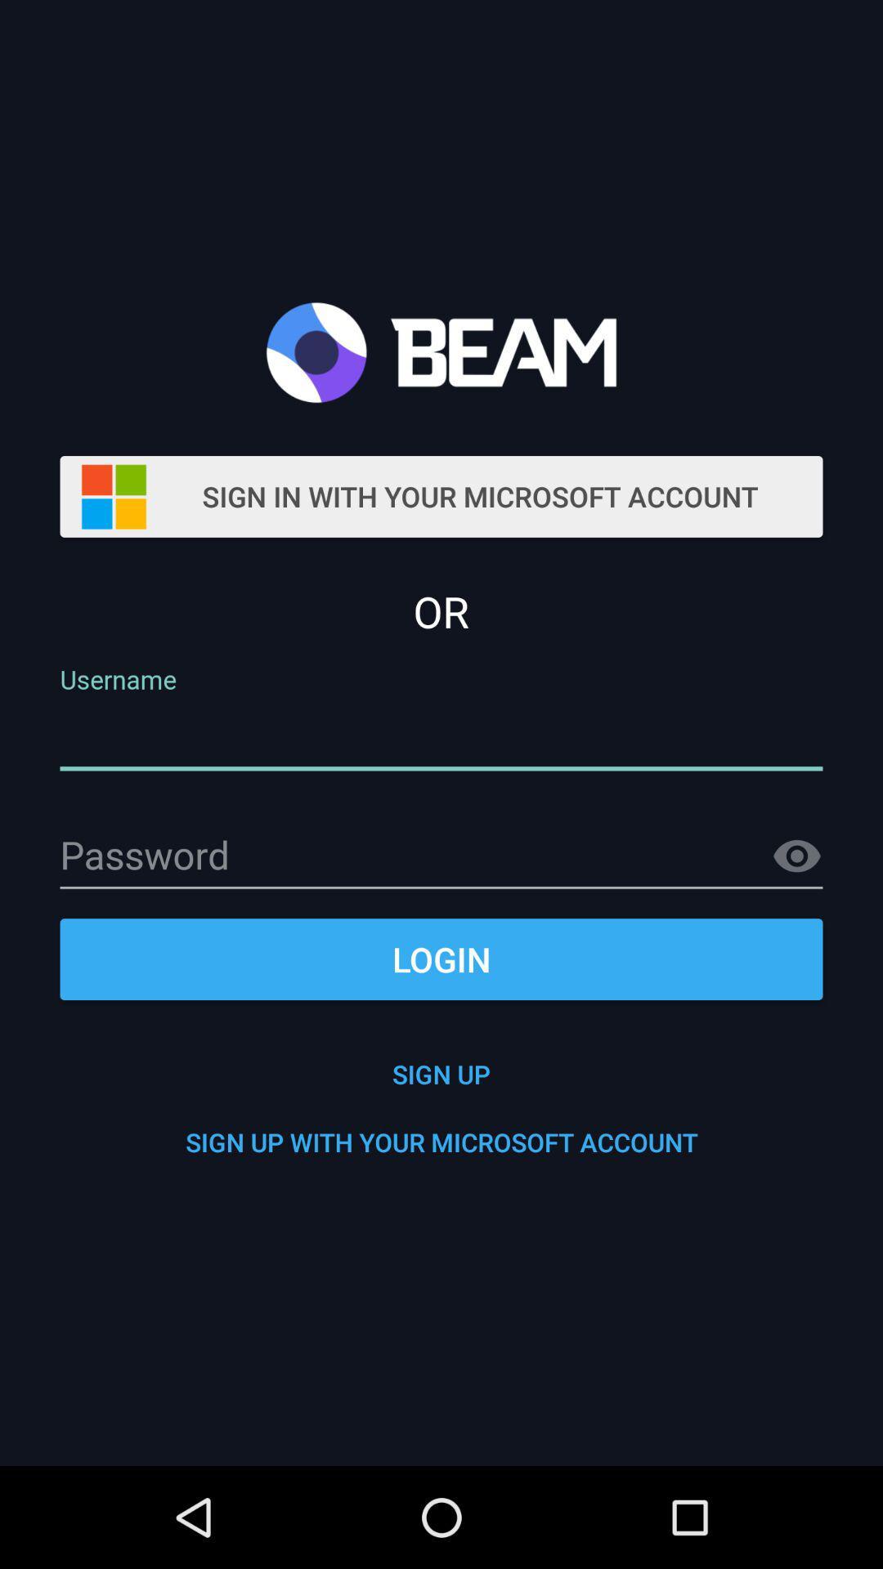  What do you see at coordinates (796, 856) in the screenshot?
I see `show` at bounding box center [796, 856].